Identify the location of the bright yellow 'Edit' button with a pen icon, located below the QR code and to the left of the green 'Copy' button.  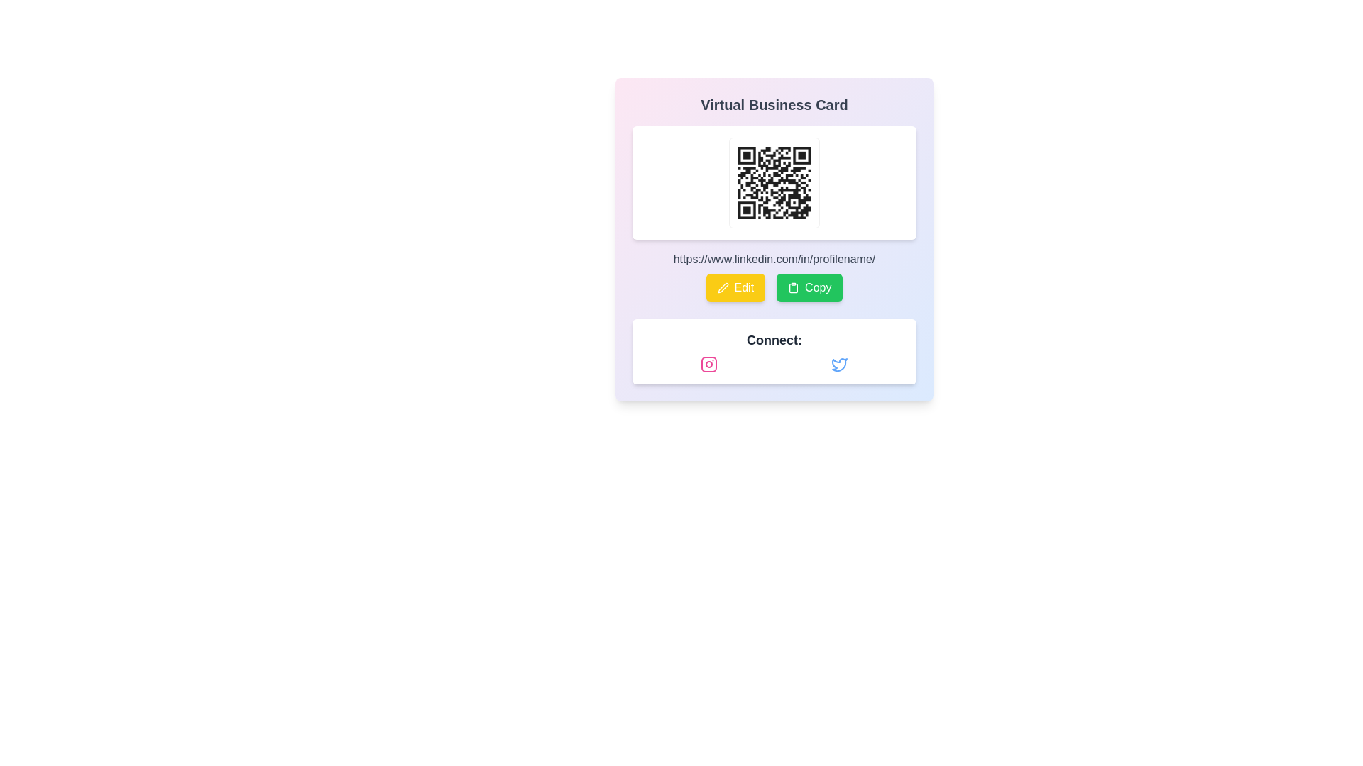
(735, 287).